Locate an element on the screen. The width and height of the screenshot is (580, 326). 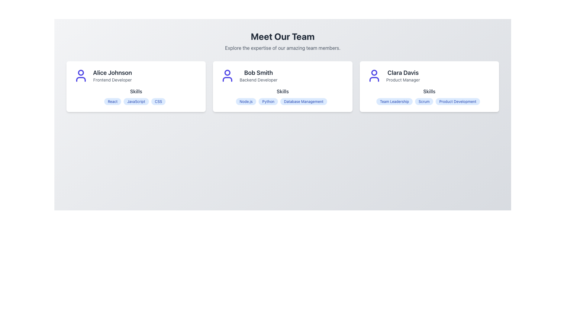
the curved line graphic of the user icon representing the body of 'Alice Johnson' located at the lower portion of the icon is located at coordinates (81, 79).